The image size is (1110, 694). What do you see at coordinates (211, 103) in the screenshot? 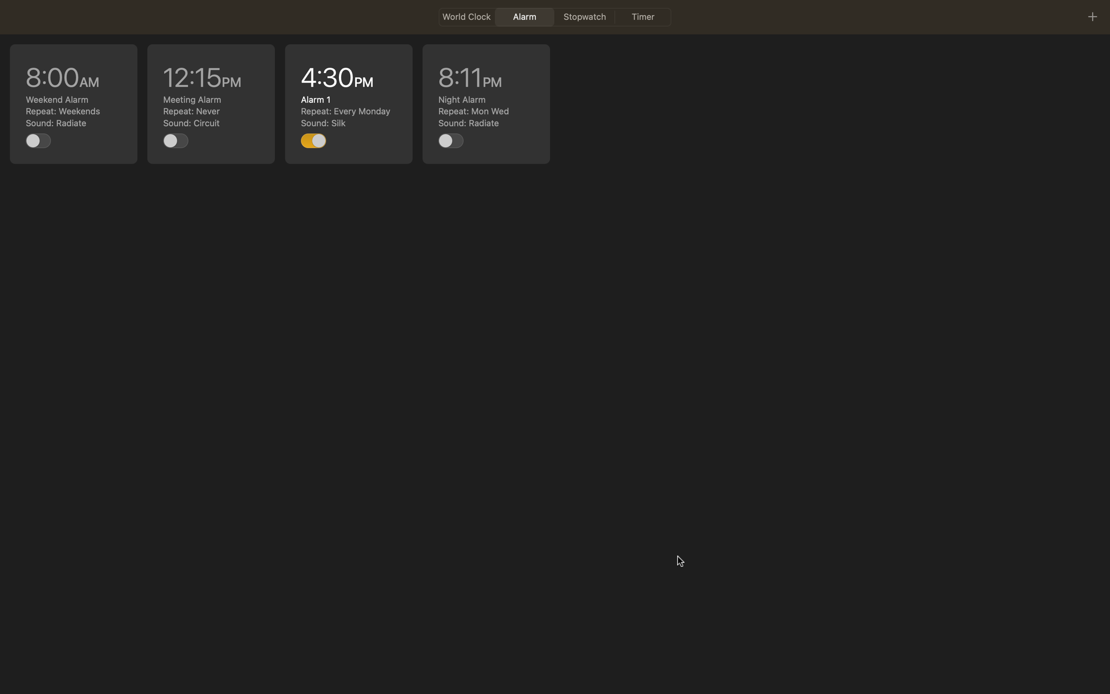
I see `the 12pm alarm` at bounding box center [211, 103].